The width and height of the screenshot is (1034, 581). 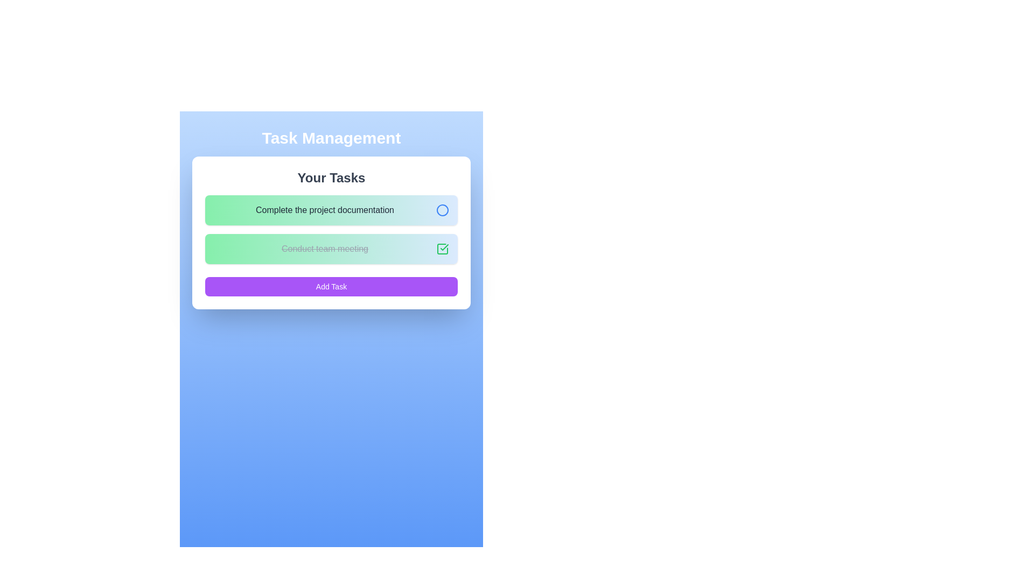 What do you see at coordinates (331, 138) in the screenshot?
I see `the static title or heading element that introduces the task management section, positioned above the 'Your Tasks' subheading` at bounding box center [331, 138].